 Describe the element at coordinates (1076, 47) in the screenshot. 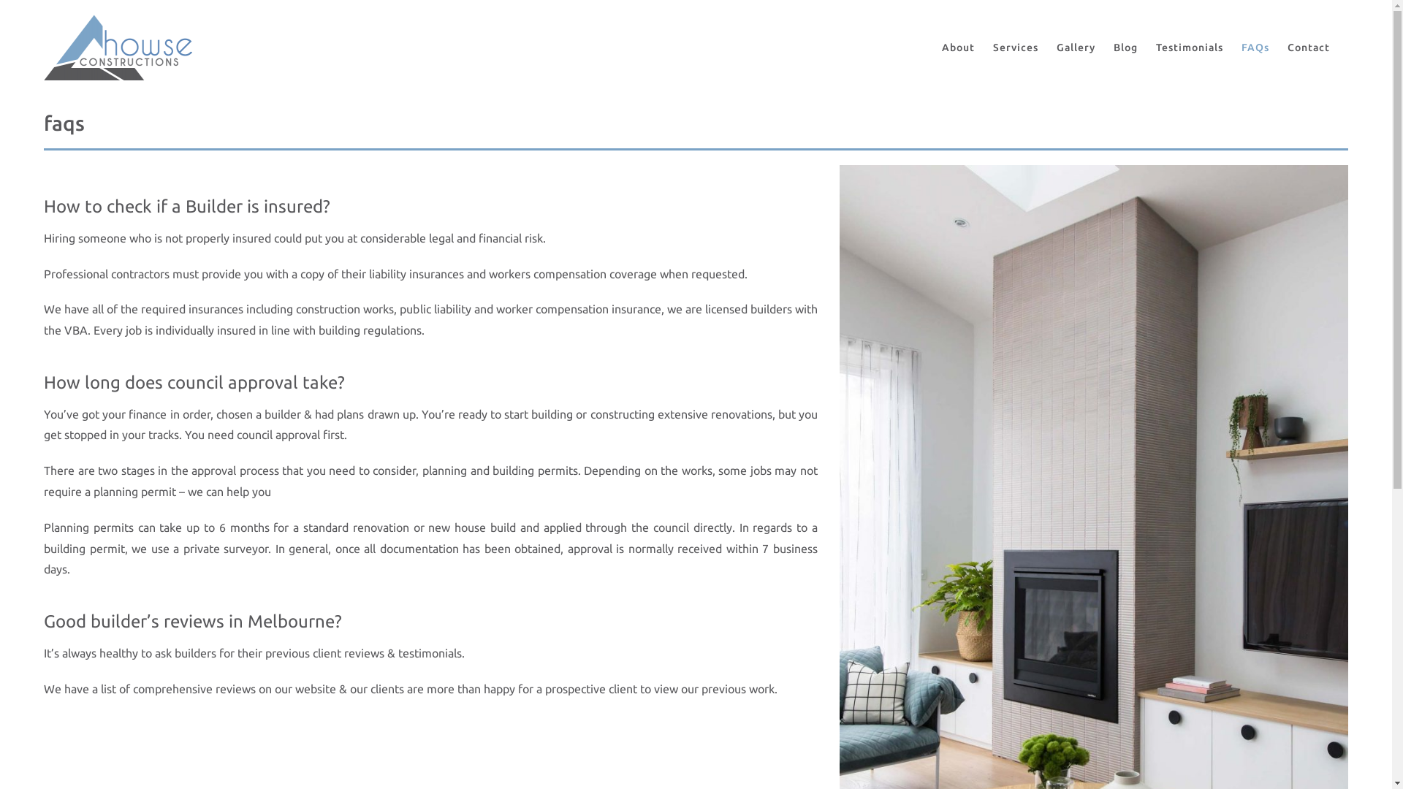

I see `'Gallery'` at that location.